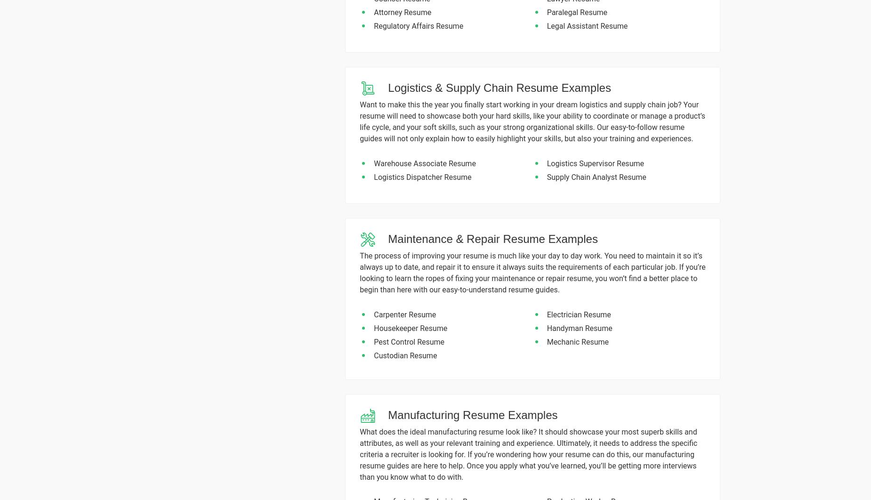 The height and width of the screenshot is (500, 871). What do you see at coordinates (579, 328) in the screenshot?
I see `'Handyman Resume'` at bounding box center [579, 328].